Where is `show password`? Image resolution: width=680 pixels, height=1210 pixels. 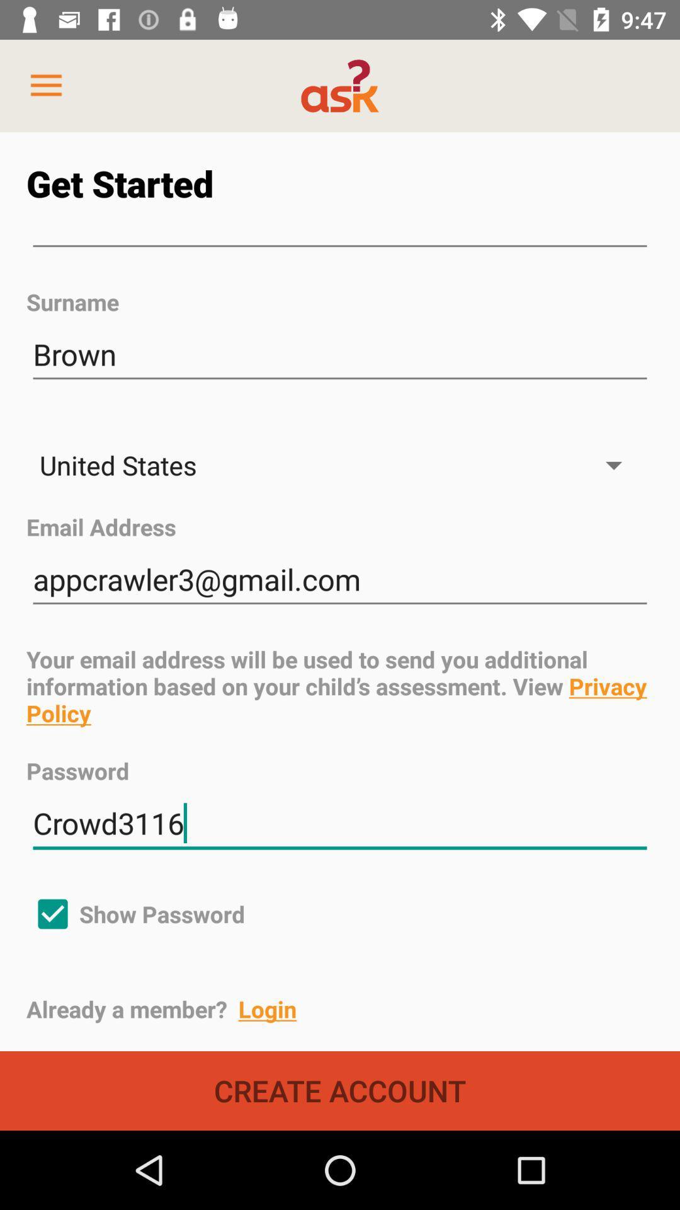 show password is located at coordinates (135, 914).